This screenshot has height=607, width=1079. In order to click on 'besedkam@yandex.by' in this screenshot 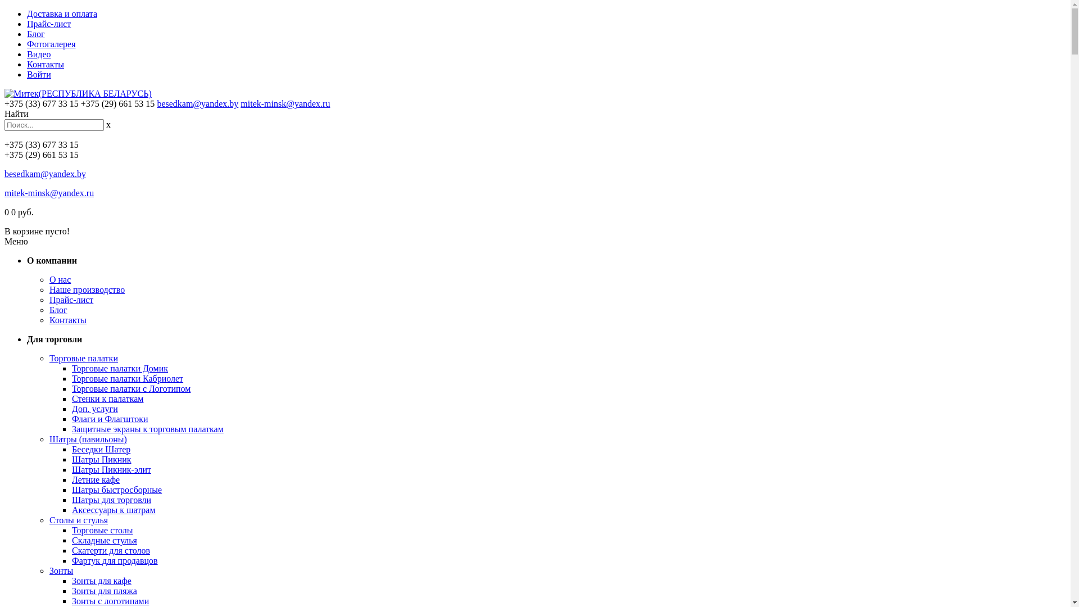, I will do `click(45, 174)`.